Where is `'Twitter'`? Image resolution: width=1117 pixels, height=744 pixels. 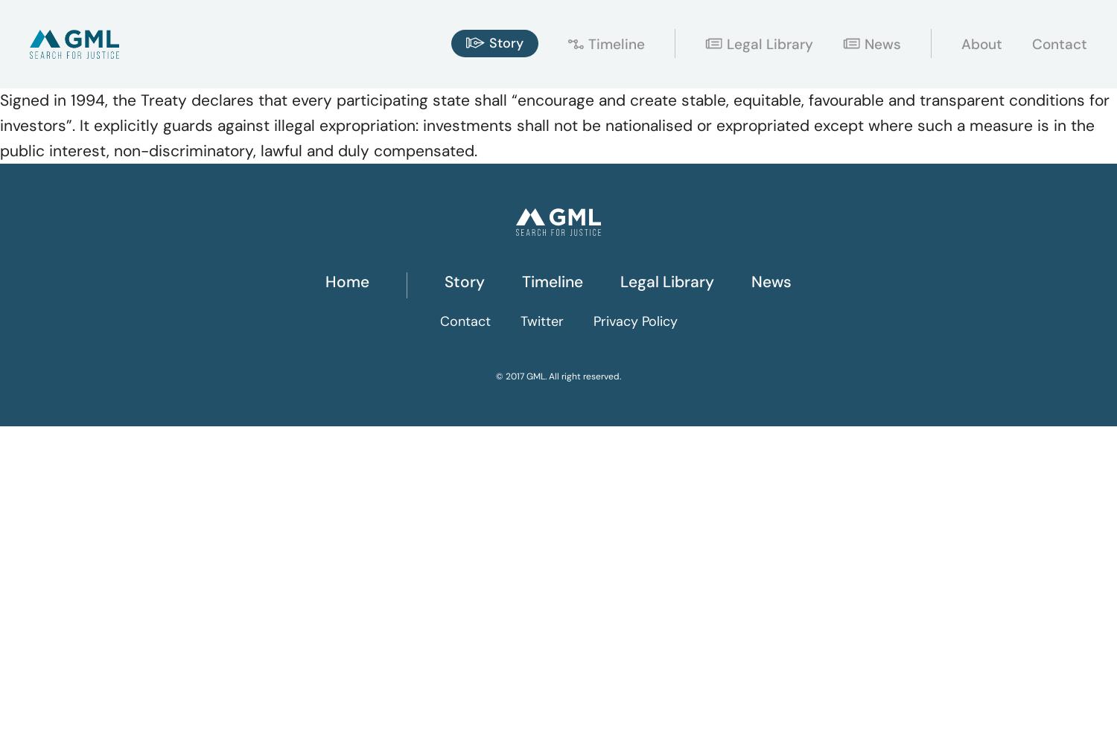 'Twitter' is located at coordinates (518, 321).